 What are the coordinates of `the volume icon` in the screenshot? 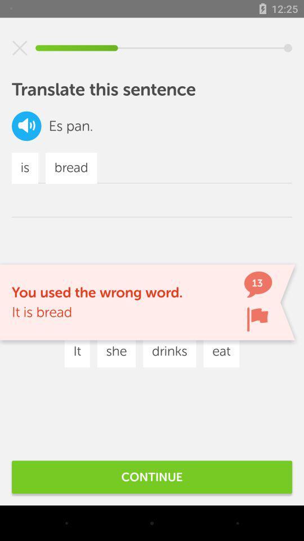 It's located at (26, 126).